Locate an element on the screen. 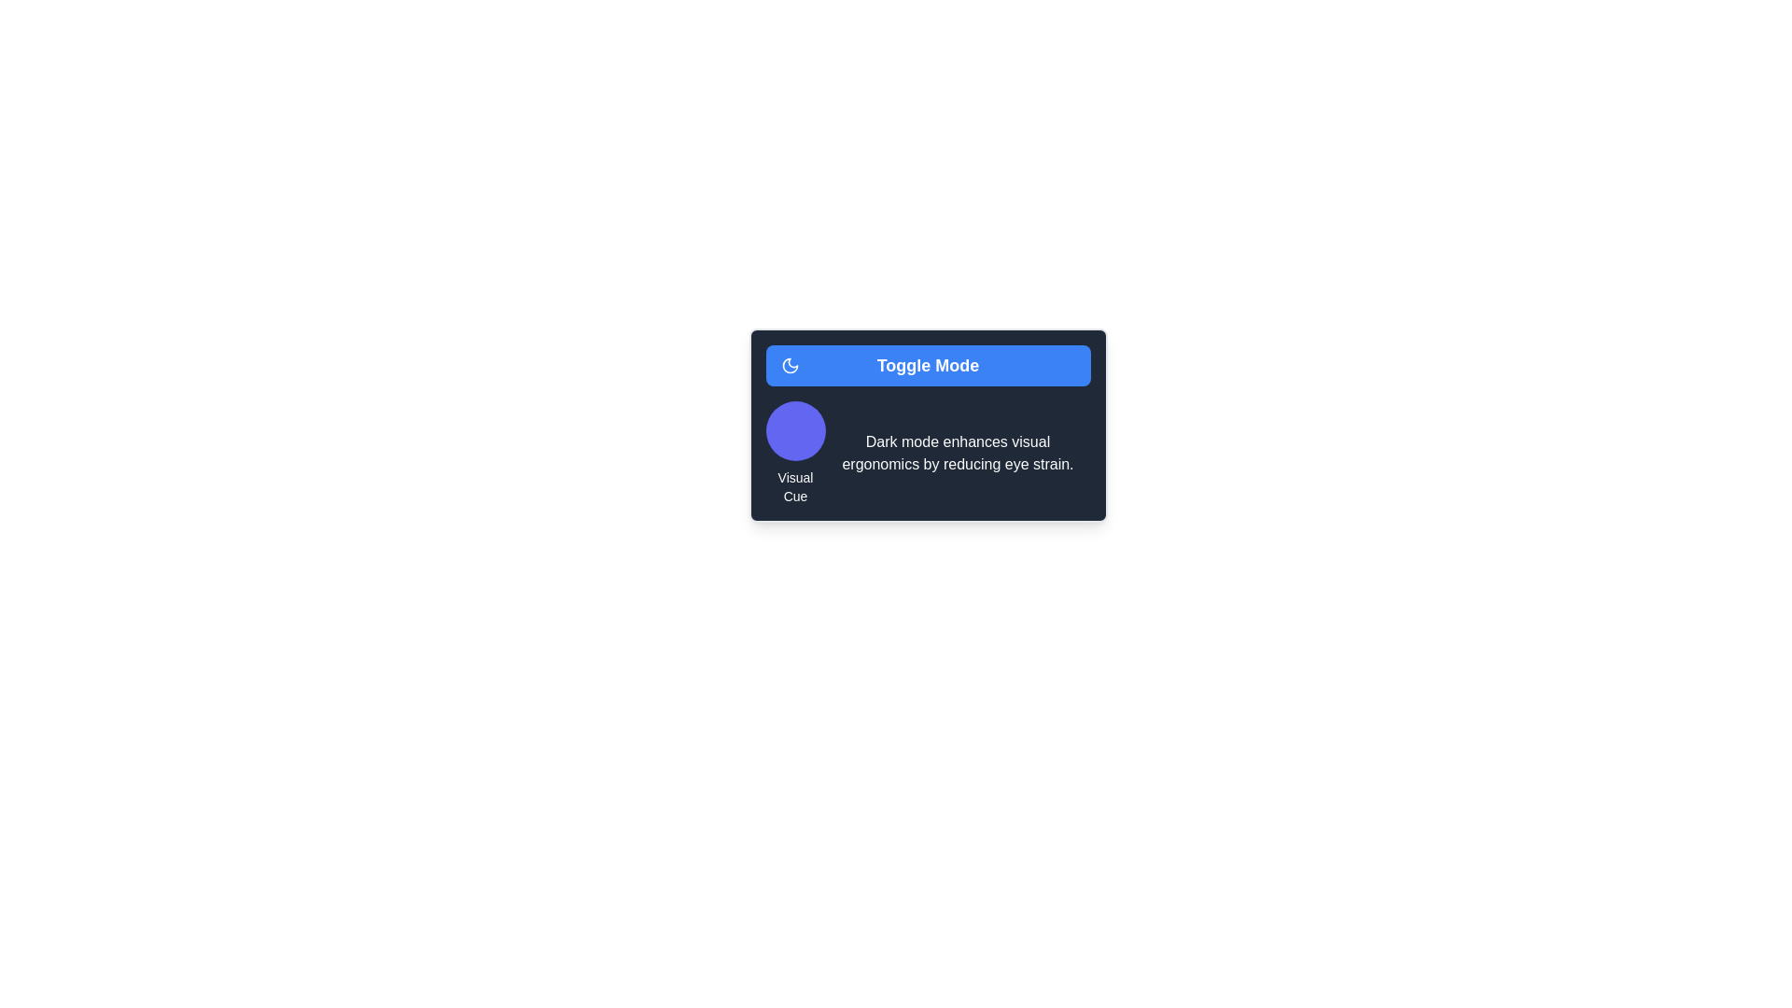  the 'Toggle Mode' button which contains the moon icon is located at coordinates (790, 366).